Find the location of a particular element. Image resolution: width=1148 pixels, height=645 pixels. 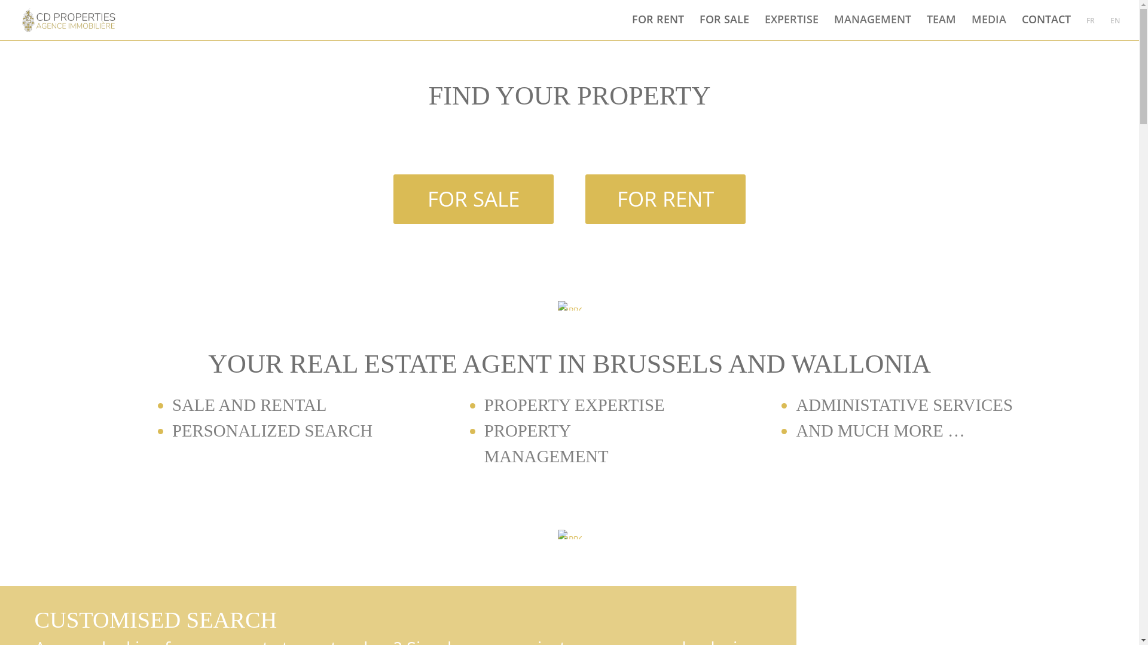

'CDPROPERTIES_IMMOBILIER_next-01-01-01' is located at coordinates (568, 533).